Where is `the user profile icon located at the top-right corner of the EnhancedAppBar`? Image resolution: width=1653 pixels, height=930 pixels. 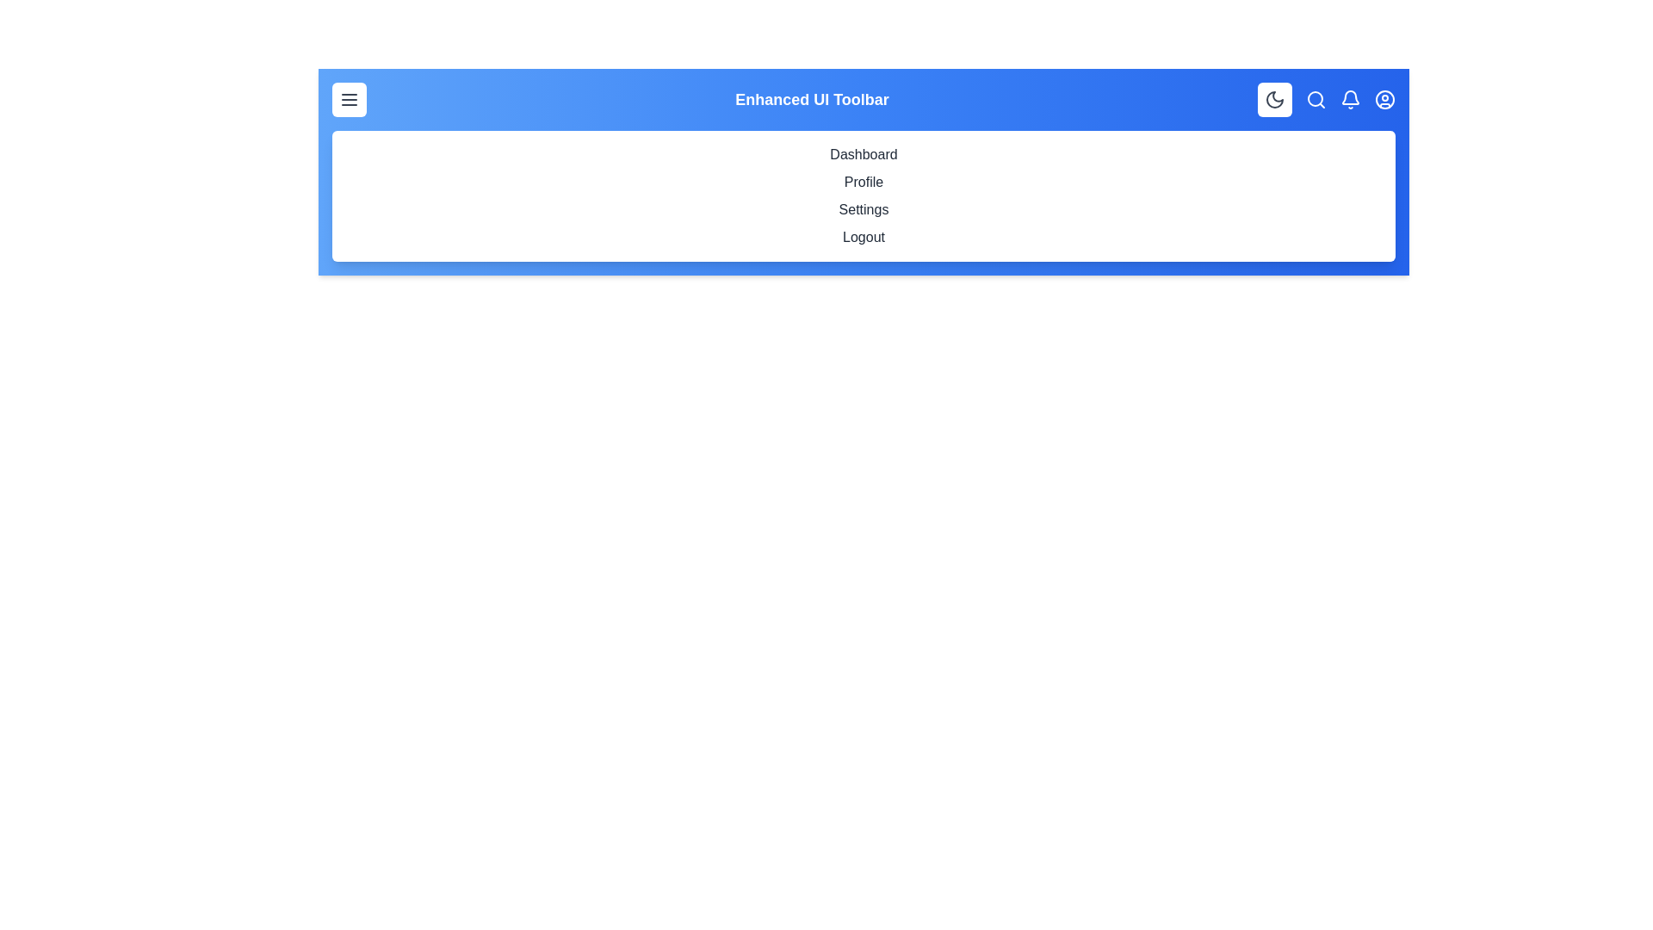
the user profile icon located at the top-right corner of the EnhancedAppBar is located at coordinates (1384, 99).